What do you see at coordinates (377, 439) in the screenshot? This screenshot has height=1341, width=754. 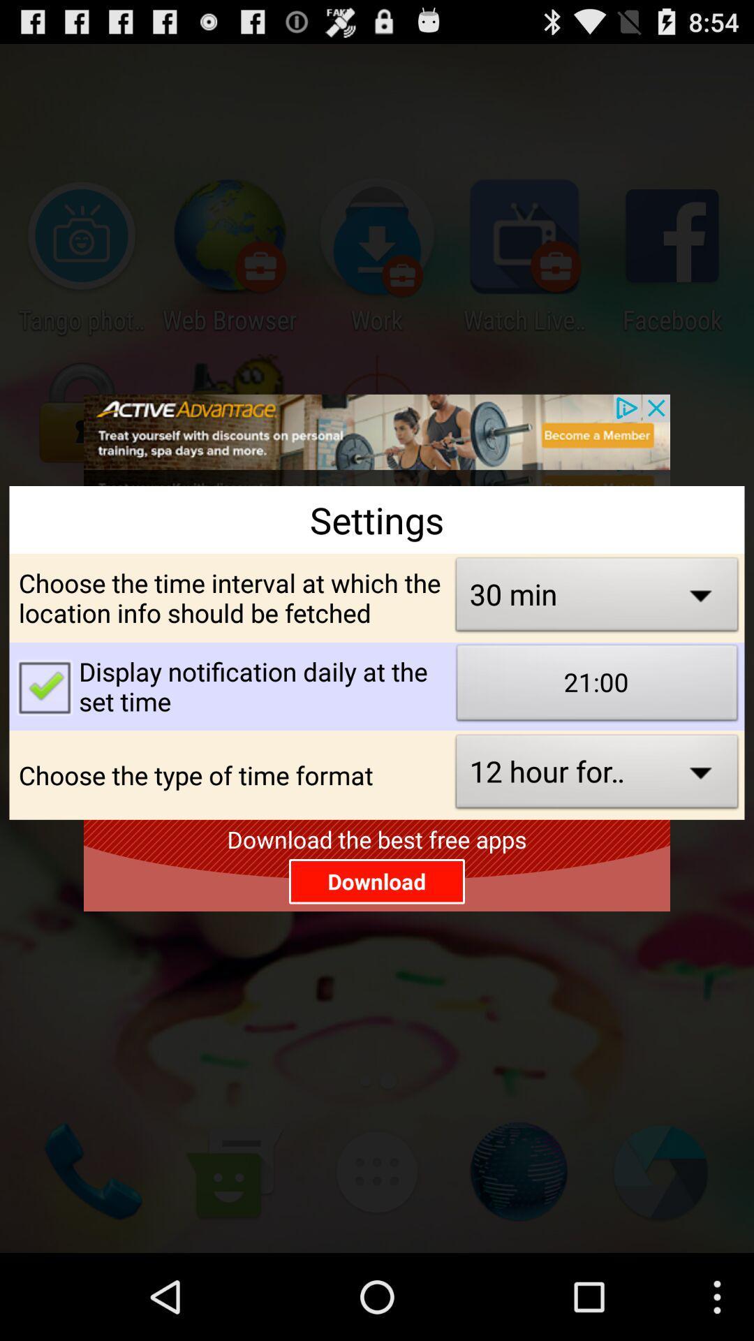 I see `interact with advertisement` at bounding box center [377, 439].